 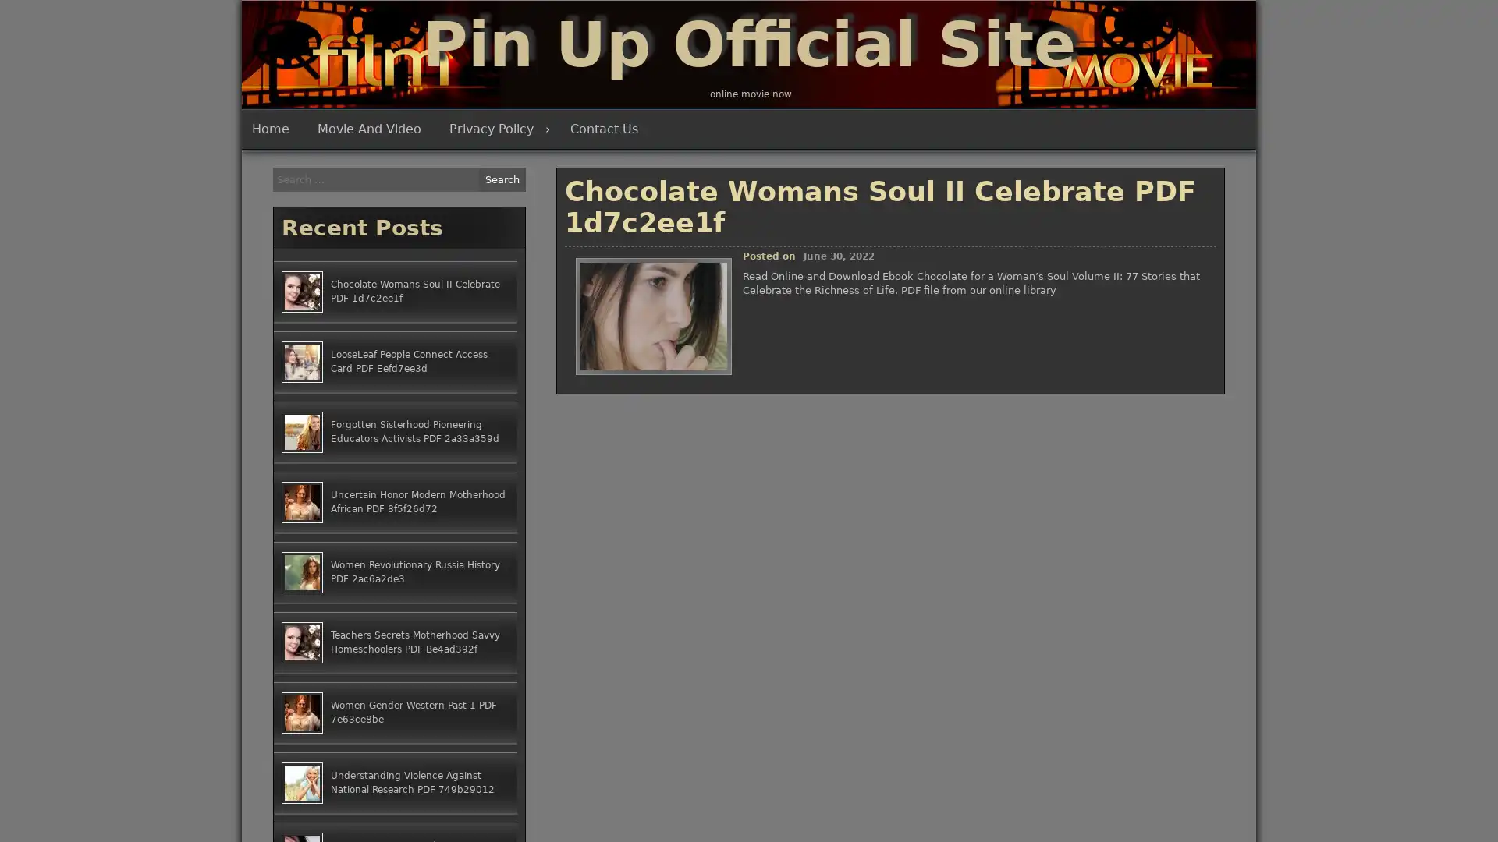 I want to click on Search, so click(x=502, y=179).